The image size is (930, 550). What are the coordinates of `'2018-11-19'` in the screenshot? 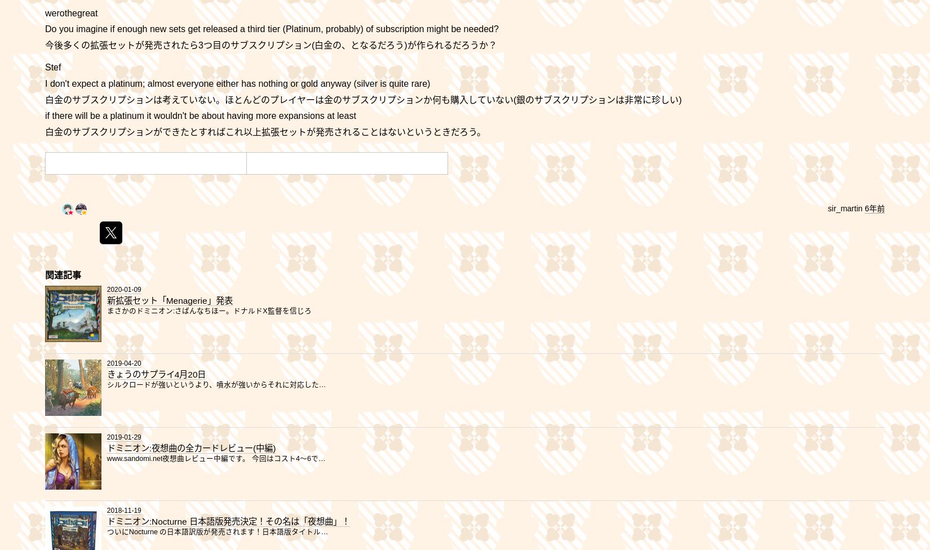 It's located at (123, 510).